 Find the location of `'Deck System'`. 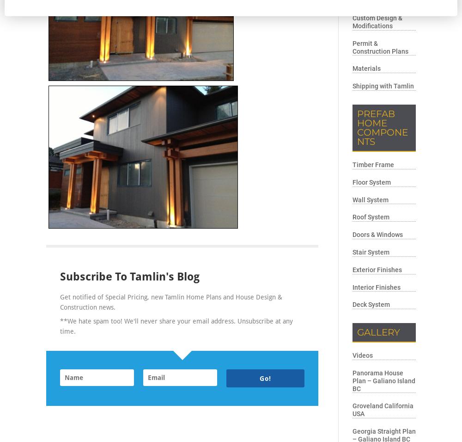

'Deck System' is located at coordinates (371, 304).